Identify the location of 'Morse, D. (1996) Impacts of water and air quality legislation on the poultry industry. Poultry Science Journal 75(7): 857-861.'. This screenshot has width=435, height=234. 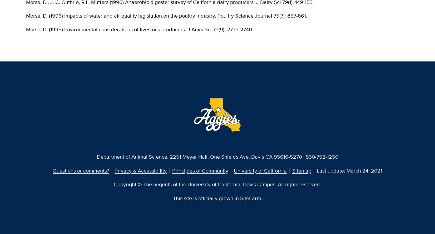
(167, 15).